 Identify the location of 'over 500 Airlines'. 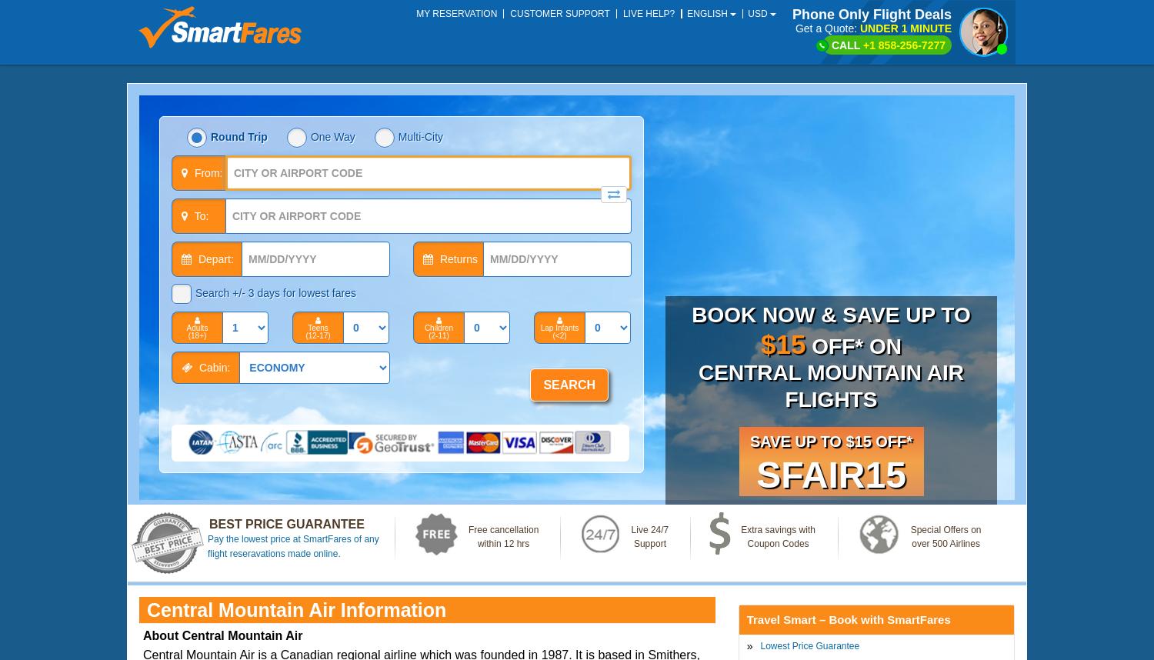
(944, 542).